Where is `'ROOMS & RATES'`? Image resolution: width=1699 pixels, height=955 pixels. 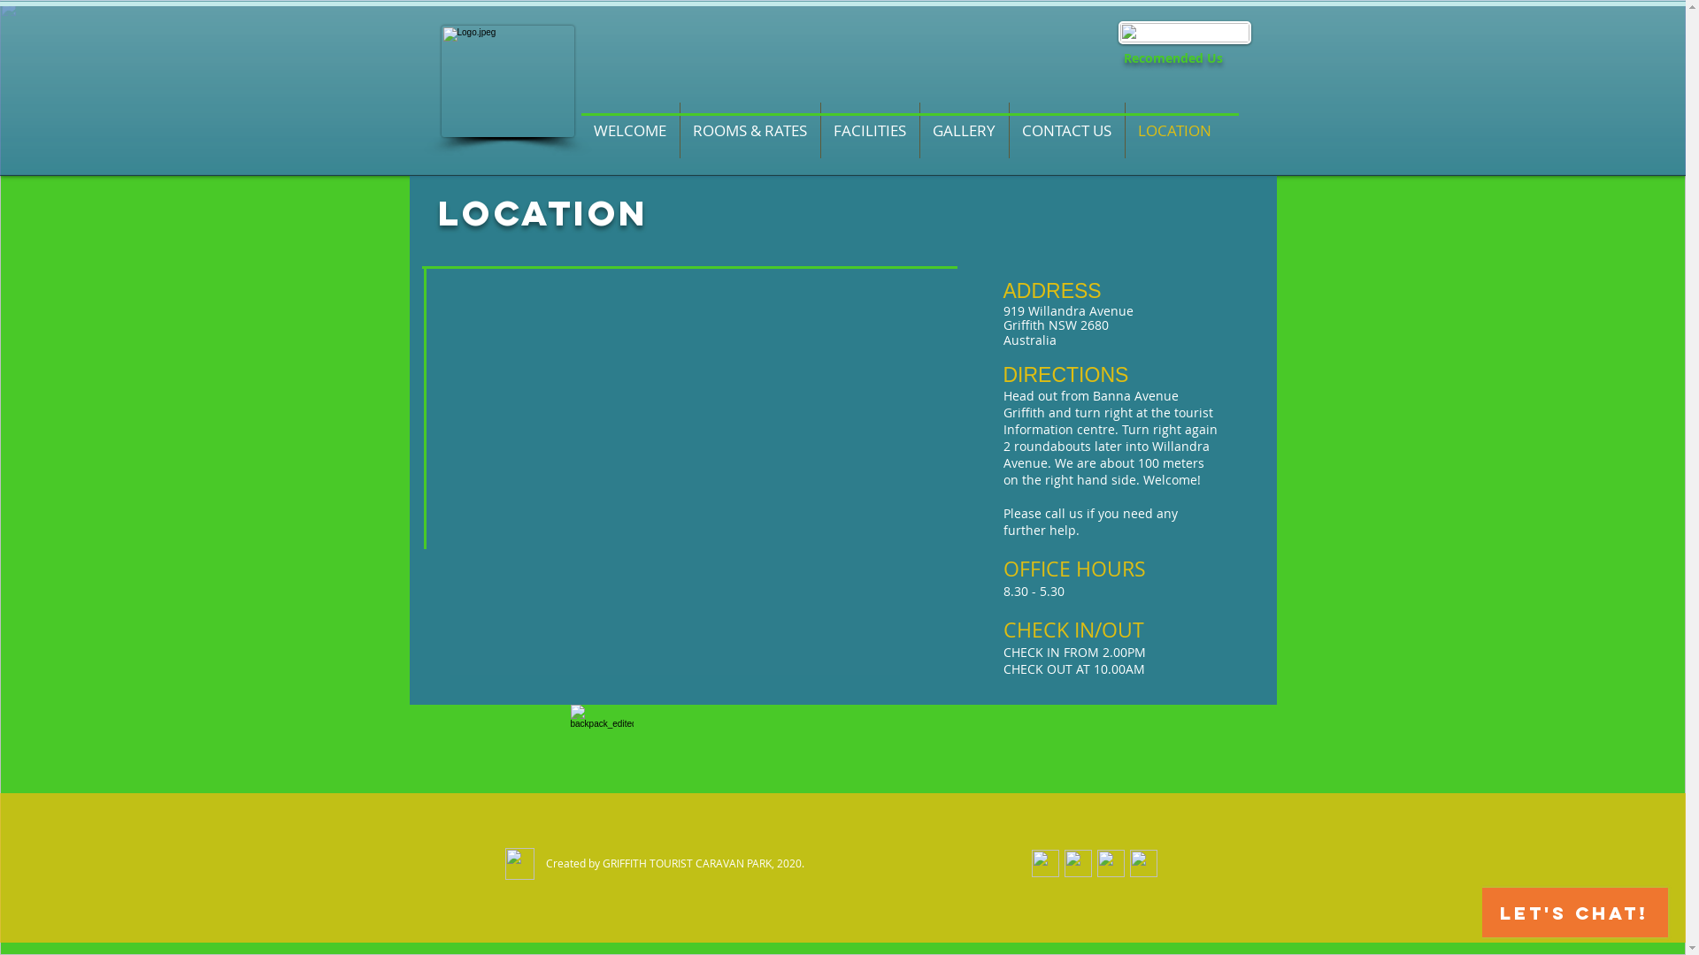
'ROOMS & RATES' is located at coordinates (749, 129).